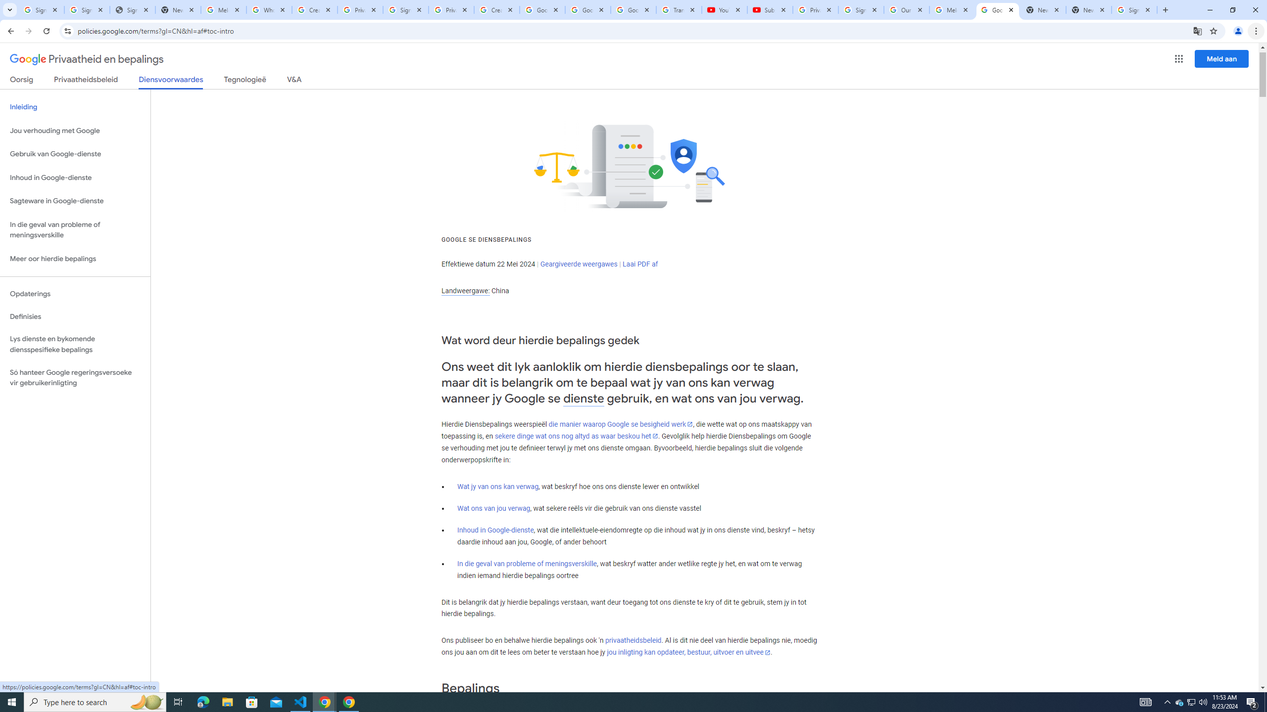 This screenshot has width=1267, height=712. Describe the element at coordinates (75, 316) in the screenshot. I see `'Definisies'` at that location.